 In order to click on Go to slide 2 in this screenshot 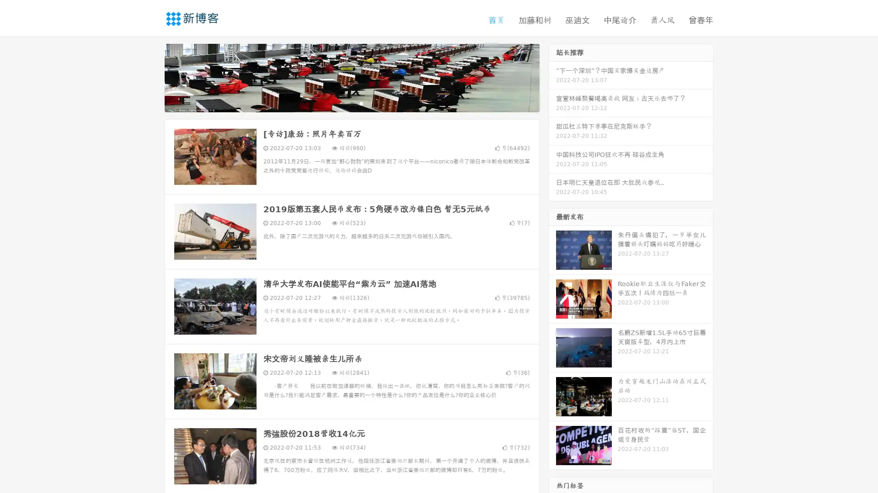, I will do `click(351, 103)`.